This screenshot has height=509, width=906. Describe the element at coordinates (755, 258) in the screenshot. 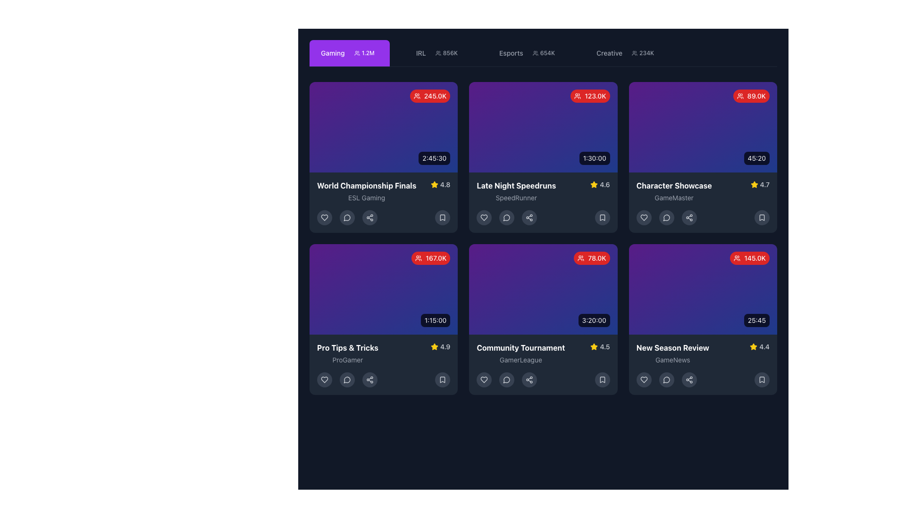

I see `value displayed in the text label located within a red rounded rectangle in the top-right corner of the lower-right card in the grid layout` at that location.